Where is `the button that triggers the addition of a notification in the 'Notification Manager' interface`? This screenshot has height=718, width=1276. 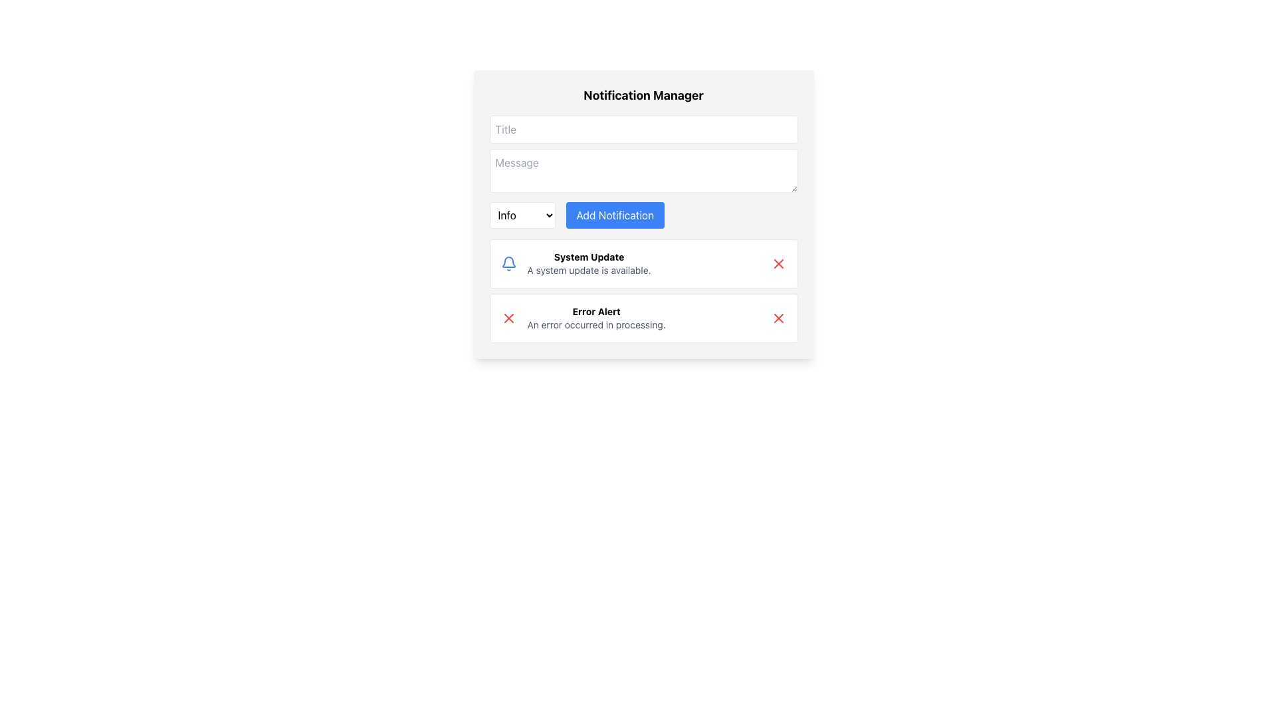
the button that triggers the addition of a notification in the 'Notification Manager' interface is located at coordinates (643, 214).